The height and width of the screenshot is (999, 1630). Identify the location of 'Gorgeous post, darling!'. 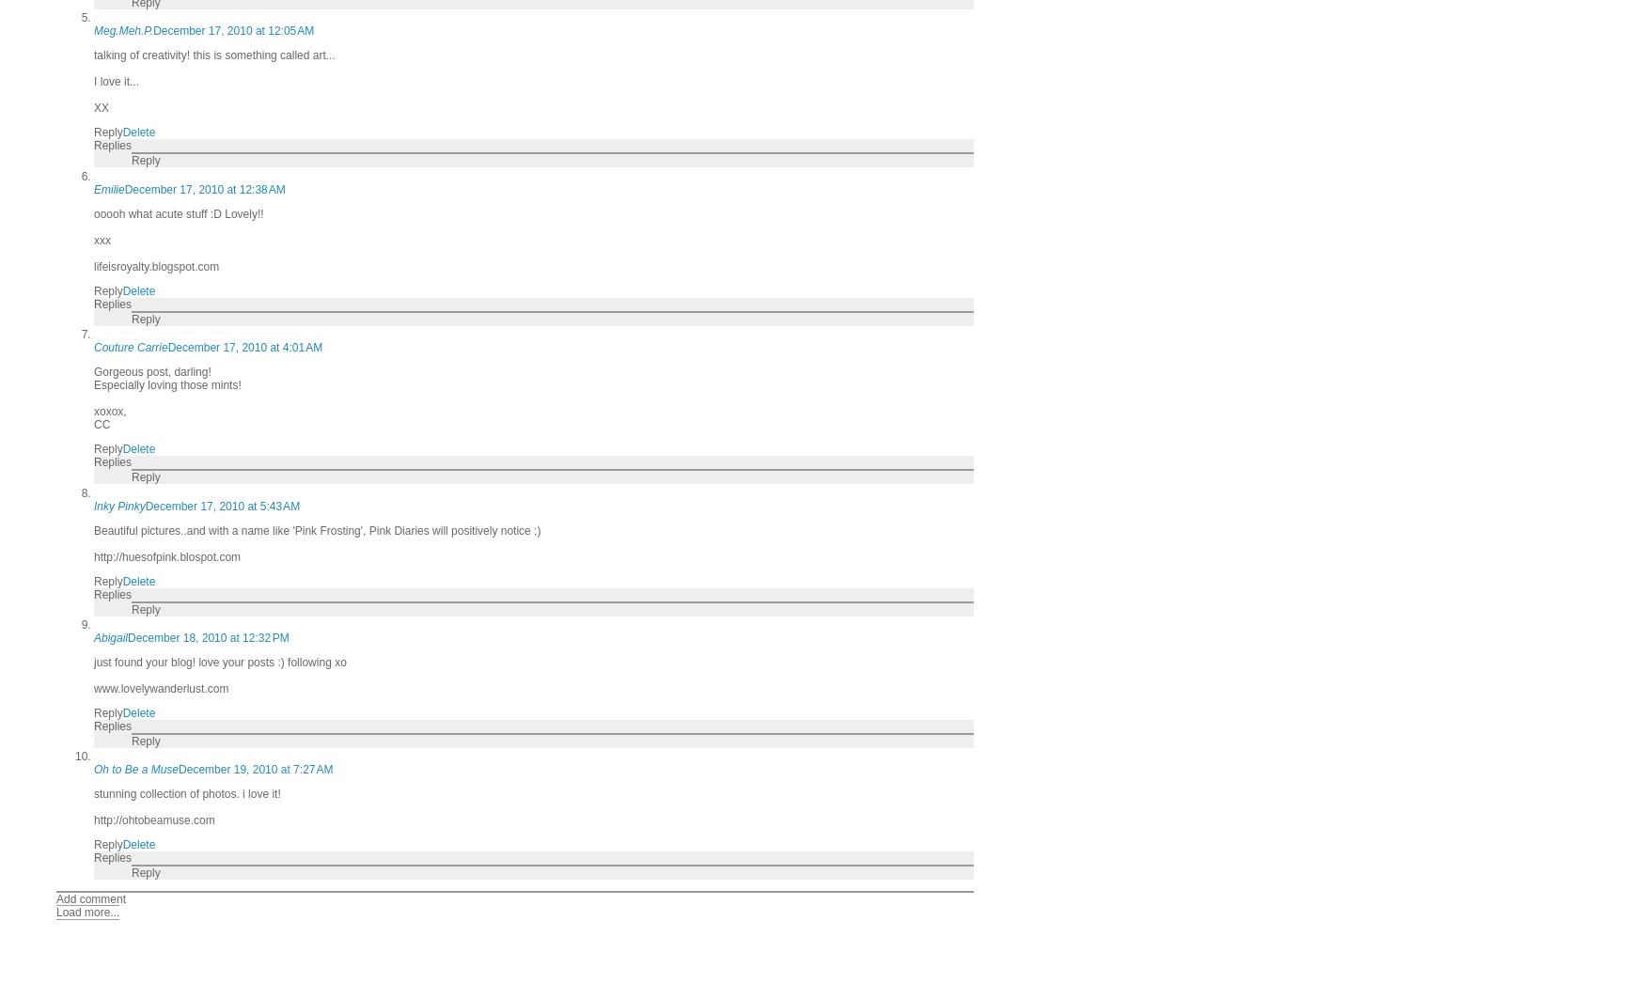
(94, 371).